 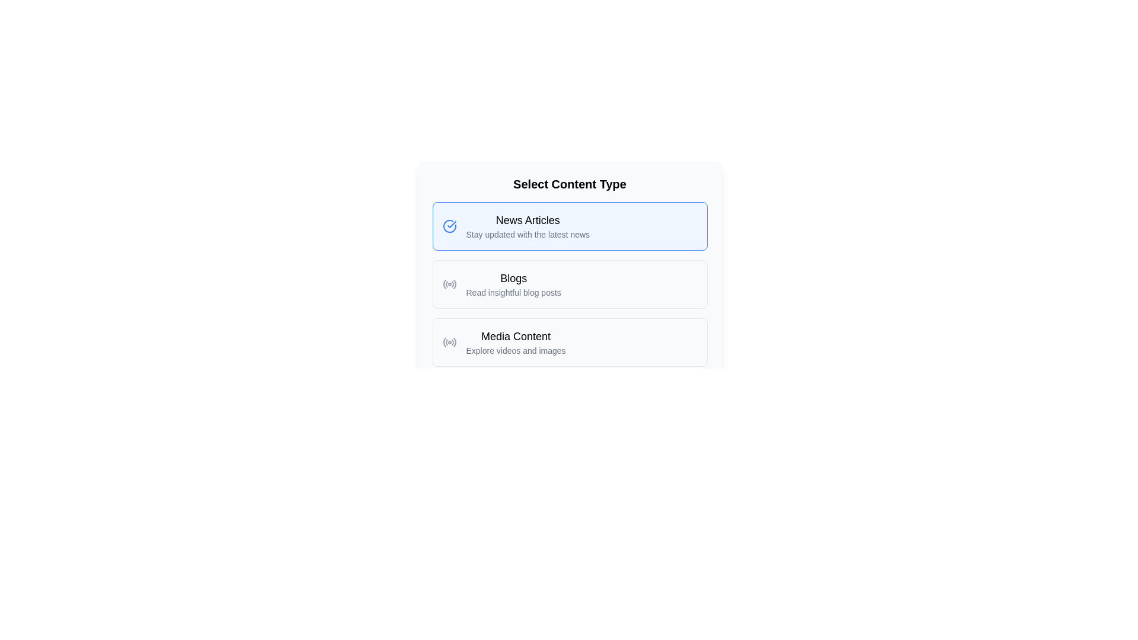 What do you see at coordinates (513, 292) in the screenshot?
I see `the descriptive Text Label for the 'Blogs' option, located below the 'Blogs' heading in the 'Select Content Type' section` at bounding box center [513, 292].